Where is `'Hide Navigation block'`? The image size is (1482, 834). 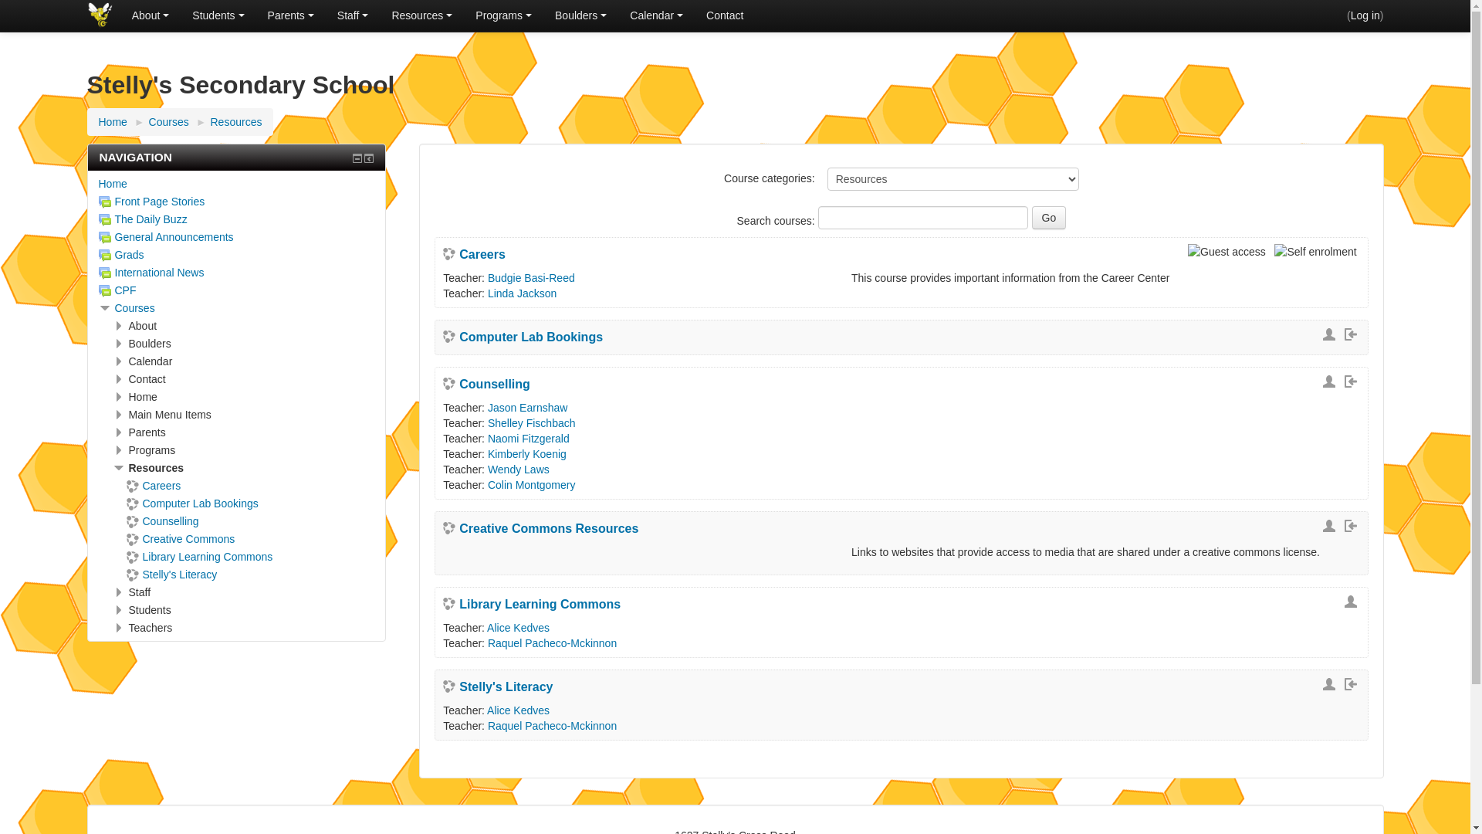
'Hide Navigation block' is located at coordinates (356, 158).